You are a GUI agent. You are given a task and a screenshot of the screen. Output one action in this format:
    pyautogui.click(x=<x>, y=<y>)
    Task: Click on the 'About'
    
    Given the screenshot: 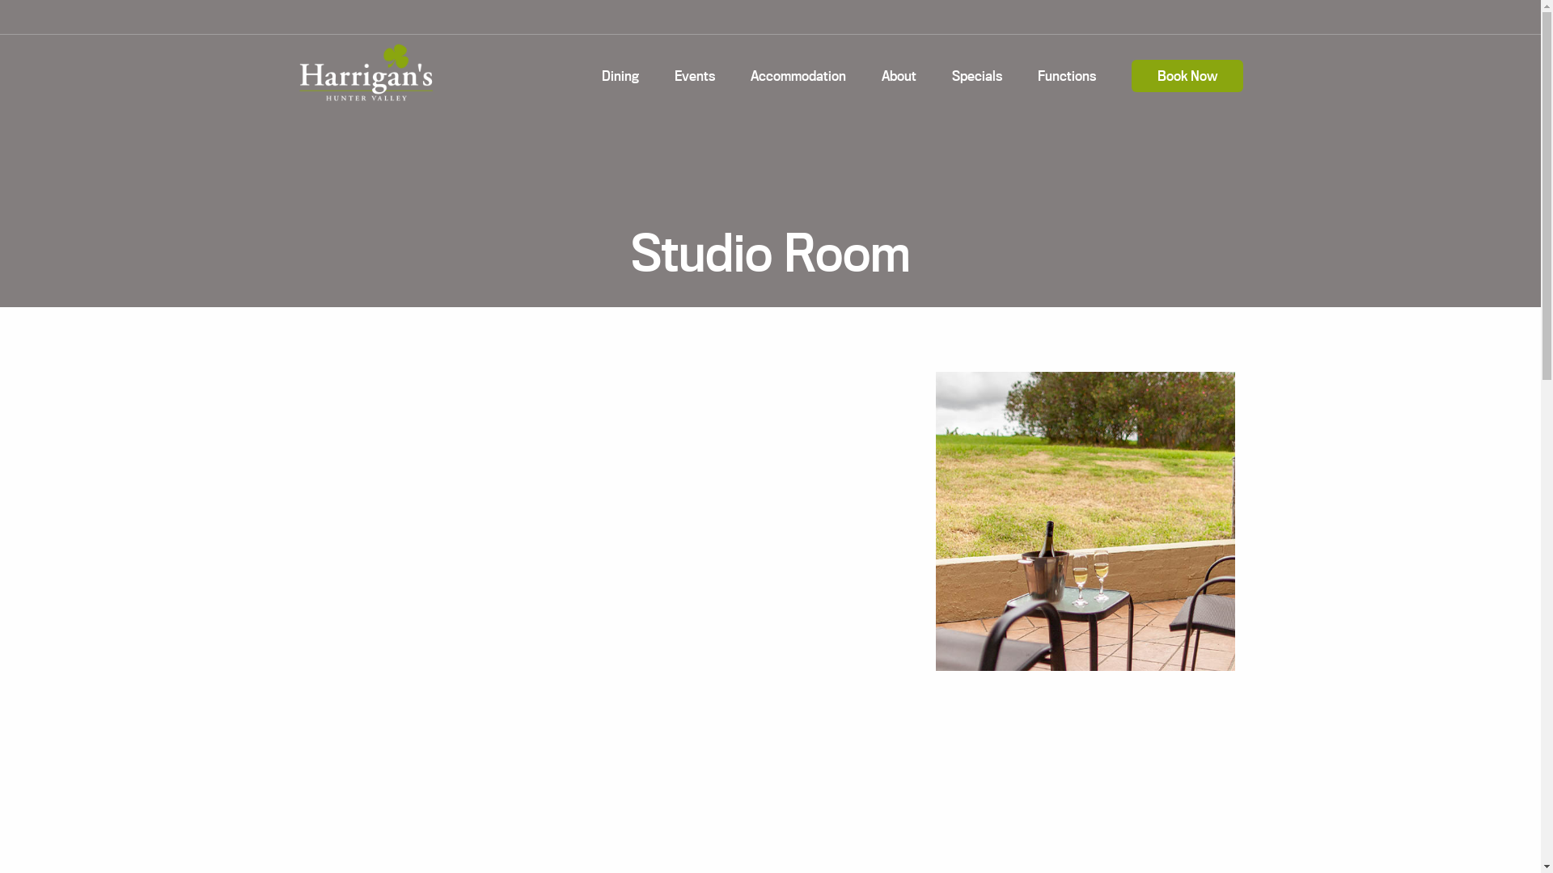 What is the action you would take?
    pyautogui.click(x=898, y=75)
    